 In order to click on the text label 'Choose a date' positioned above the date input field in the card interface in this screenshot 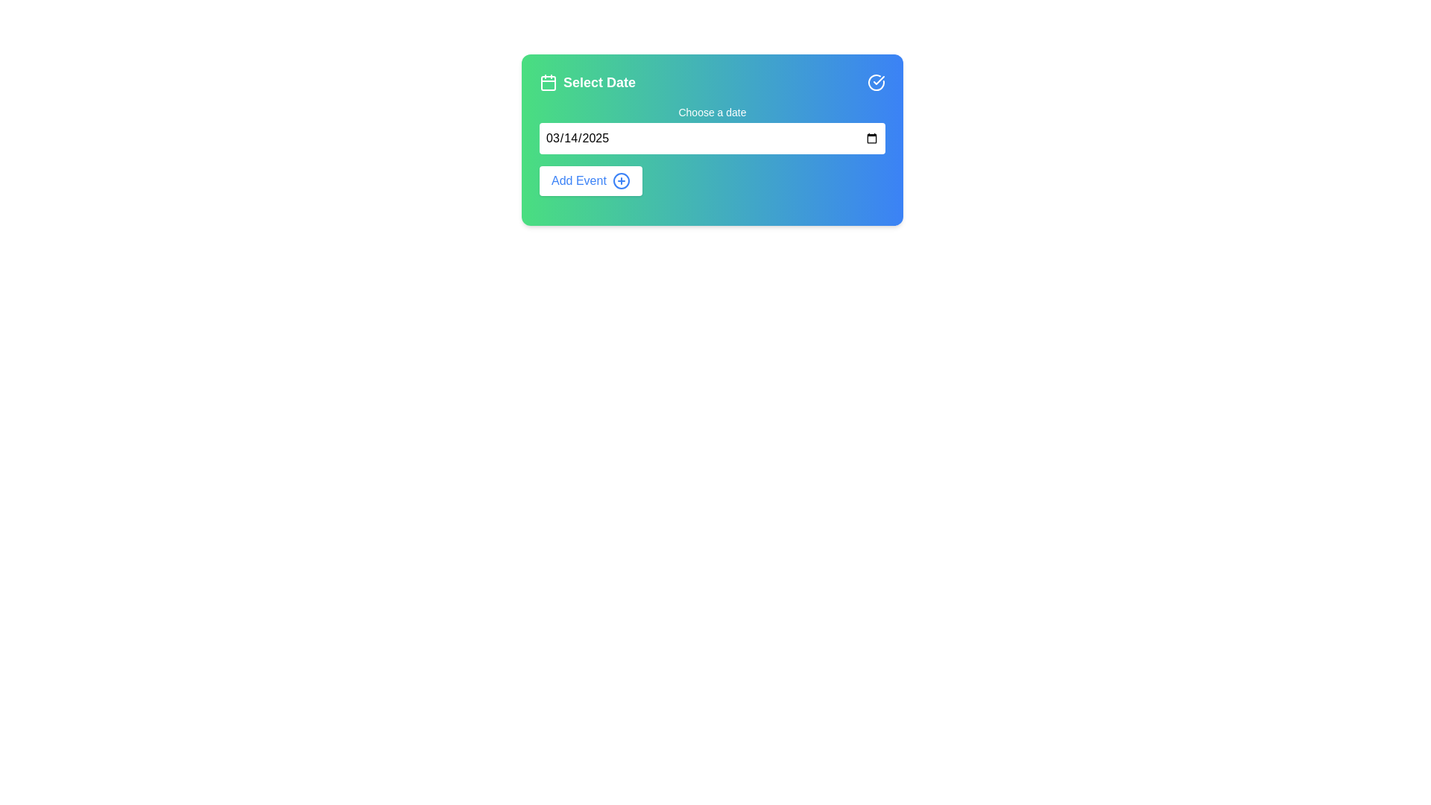, I will do `click(711, 111)`.